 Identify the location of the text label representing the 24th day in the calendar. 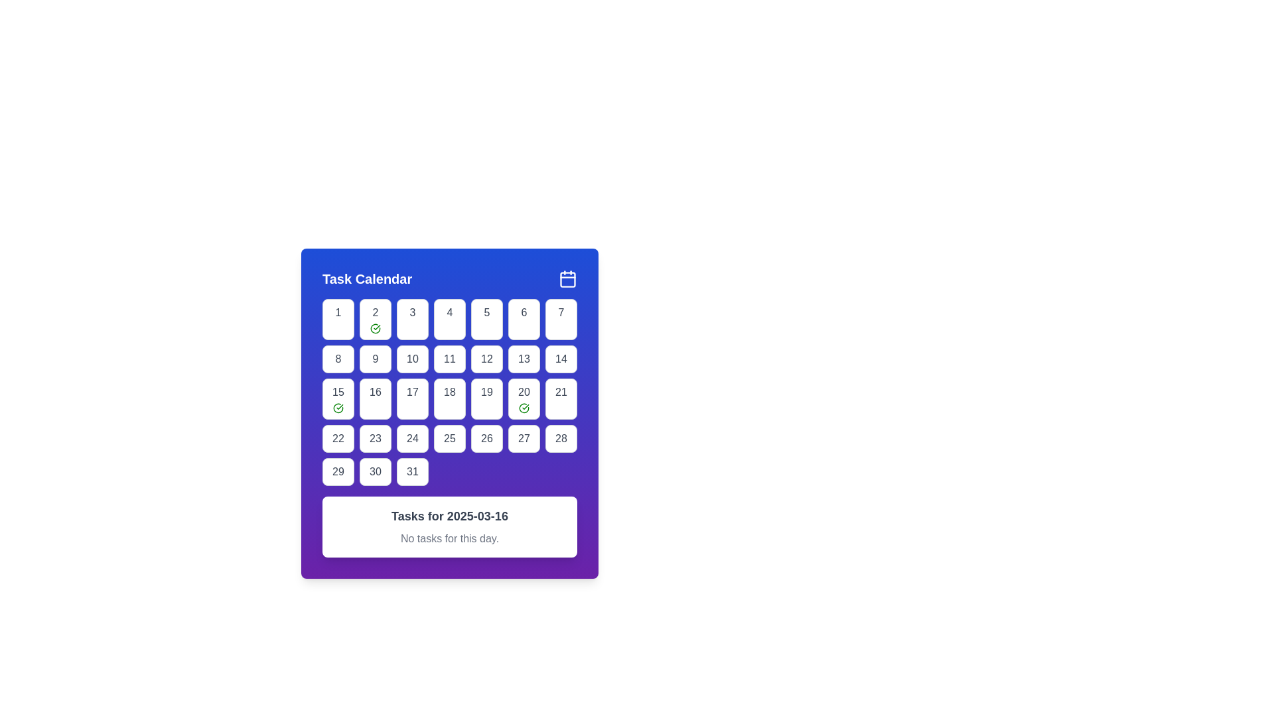
(412, 439).